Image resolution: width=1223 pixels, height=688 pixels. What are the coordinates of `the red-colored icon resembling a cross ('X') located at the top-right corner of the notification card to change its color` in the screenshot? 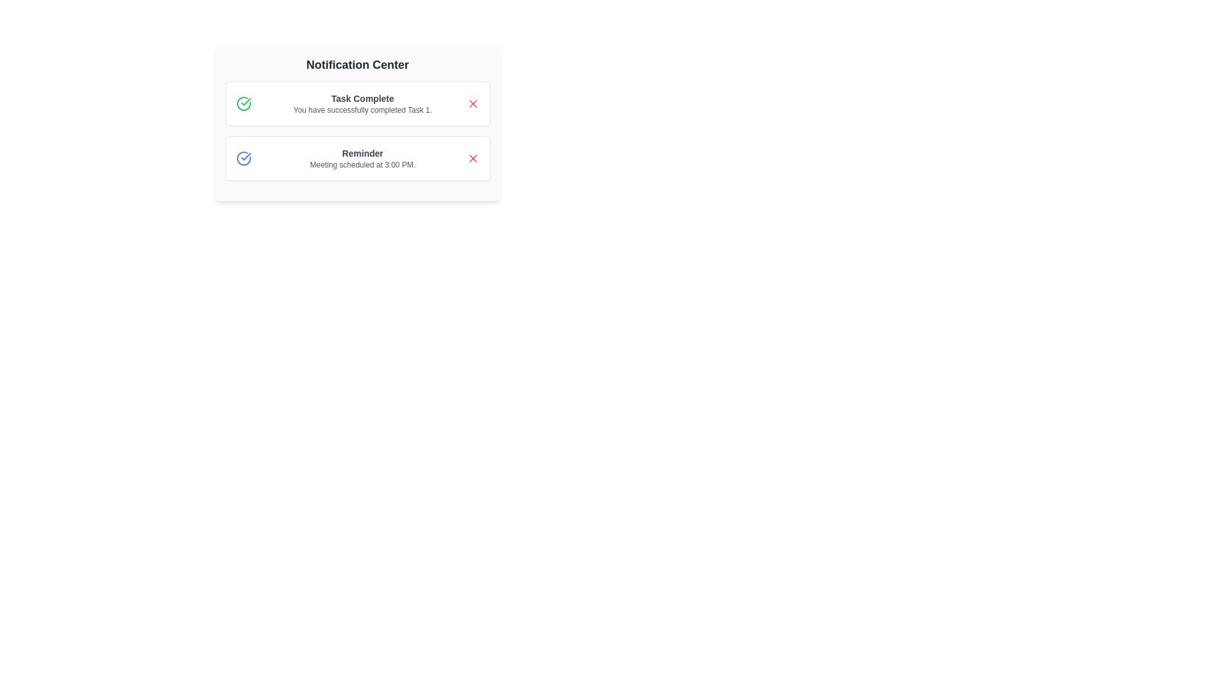 It's located at (472, 103).